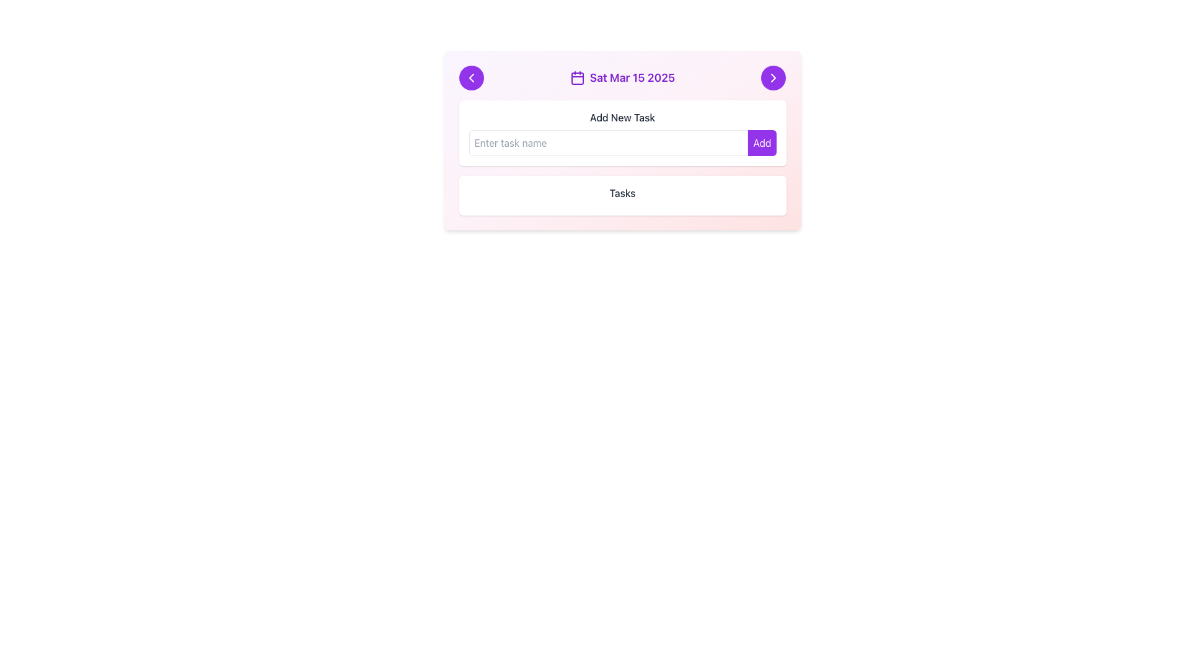 The height and width of the screenshot is (669, 1190). I want to click on the calendar icon located to the left of the date text 'Sat Mar 15 2025' in the header section of the card component, which is part of the purple-themed section at the top of the card, so click(576, 78).